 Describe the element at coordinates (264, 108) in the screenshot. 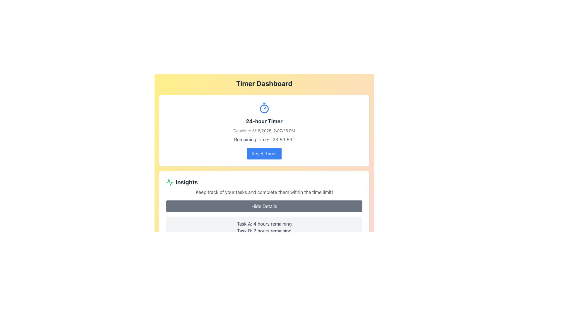

I see `the timer icon located above the text '24-hour Timer', which visually represents the timer functionality` at that location.